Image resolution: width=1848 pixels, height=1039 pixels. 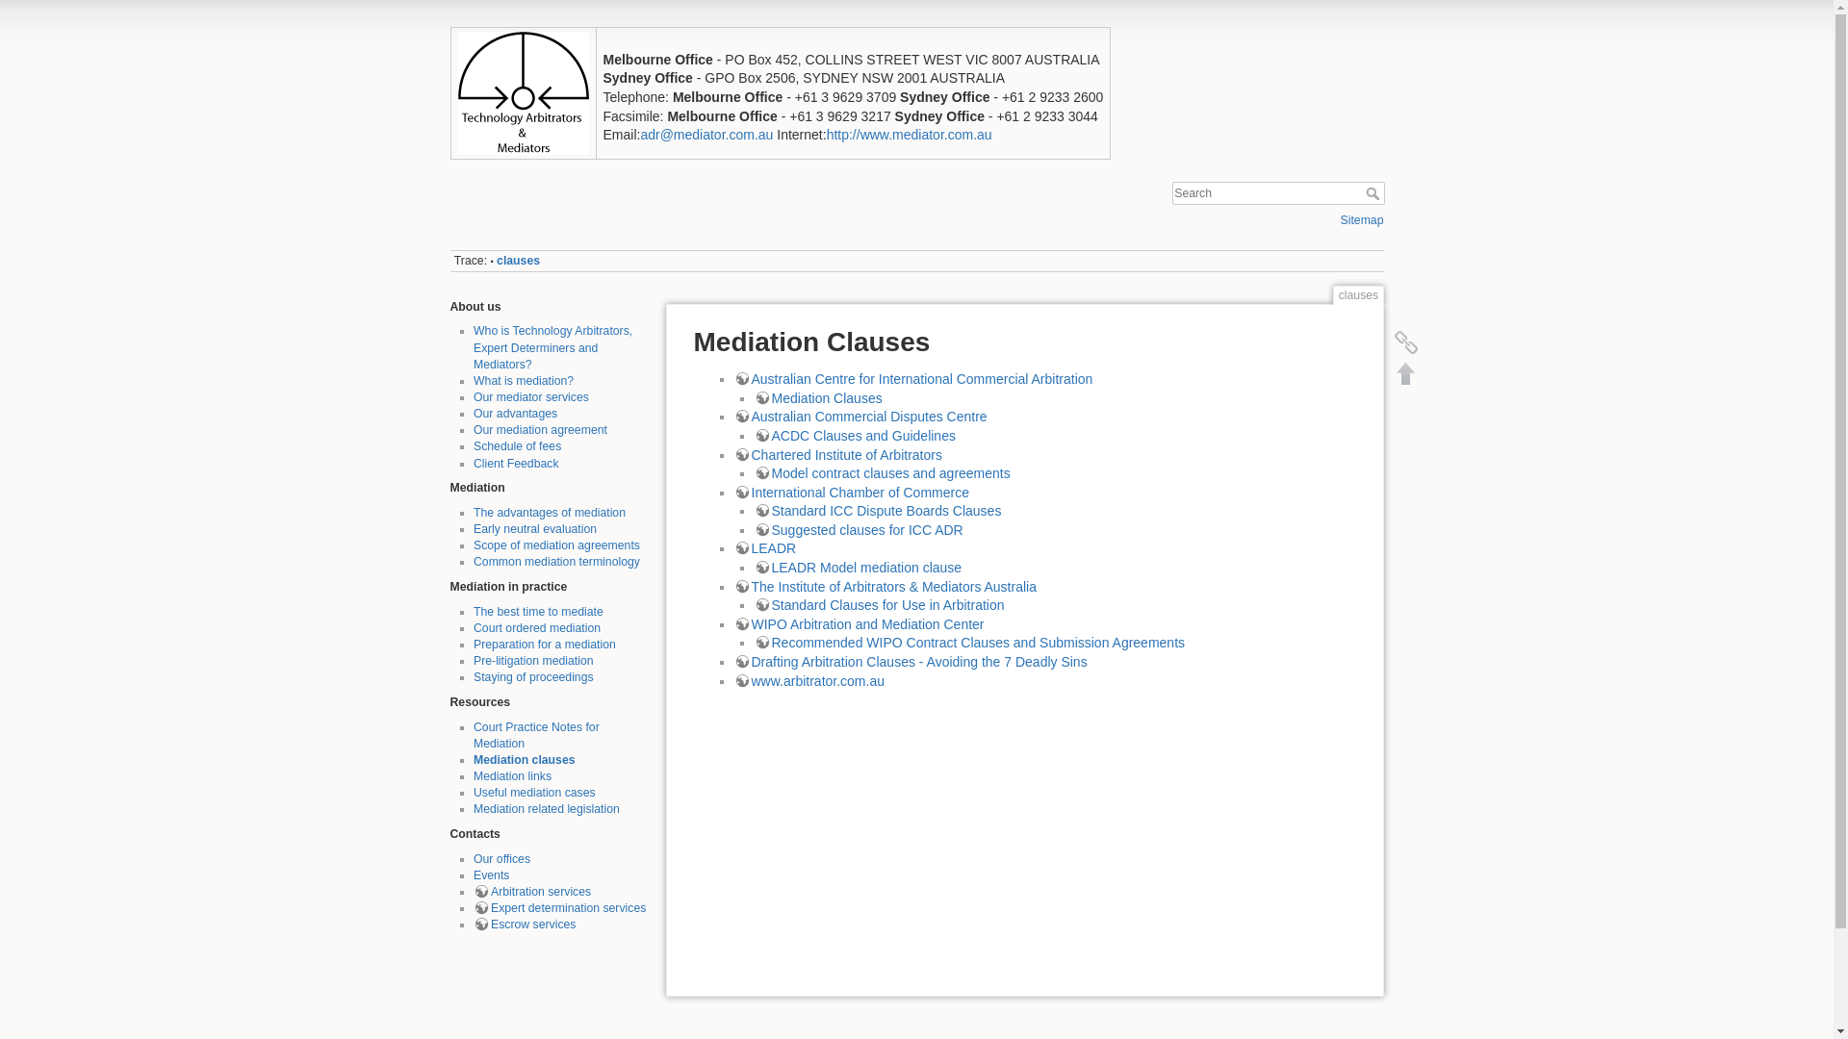 I want to click on 'Pre-litigation mediation', so click(x=473, y=659).